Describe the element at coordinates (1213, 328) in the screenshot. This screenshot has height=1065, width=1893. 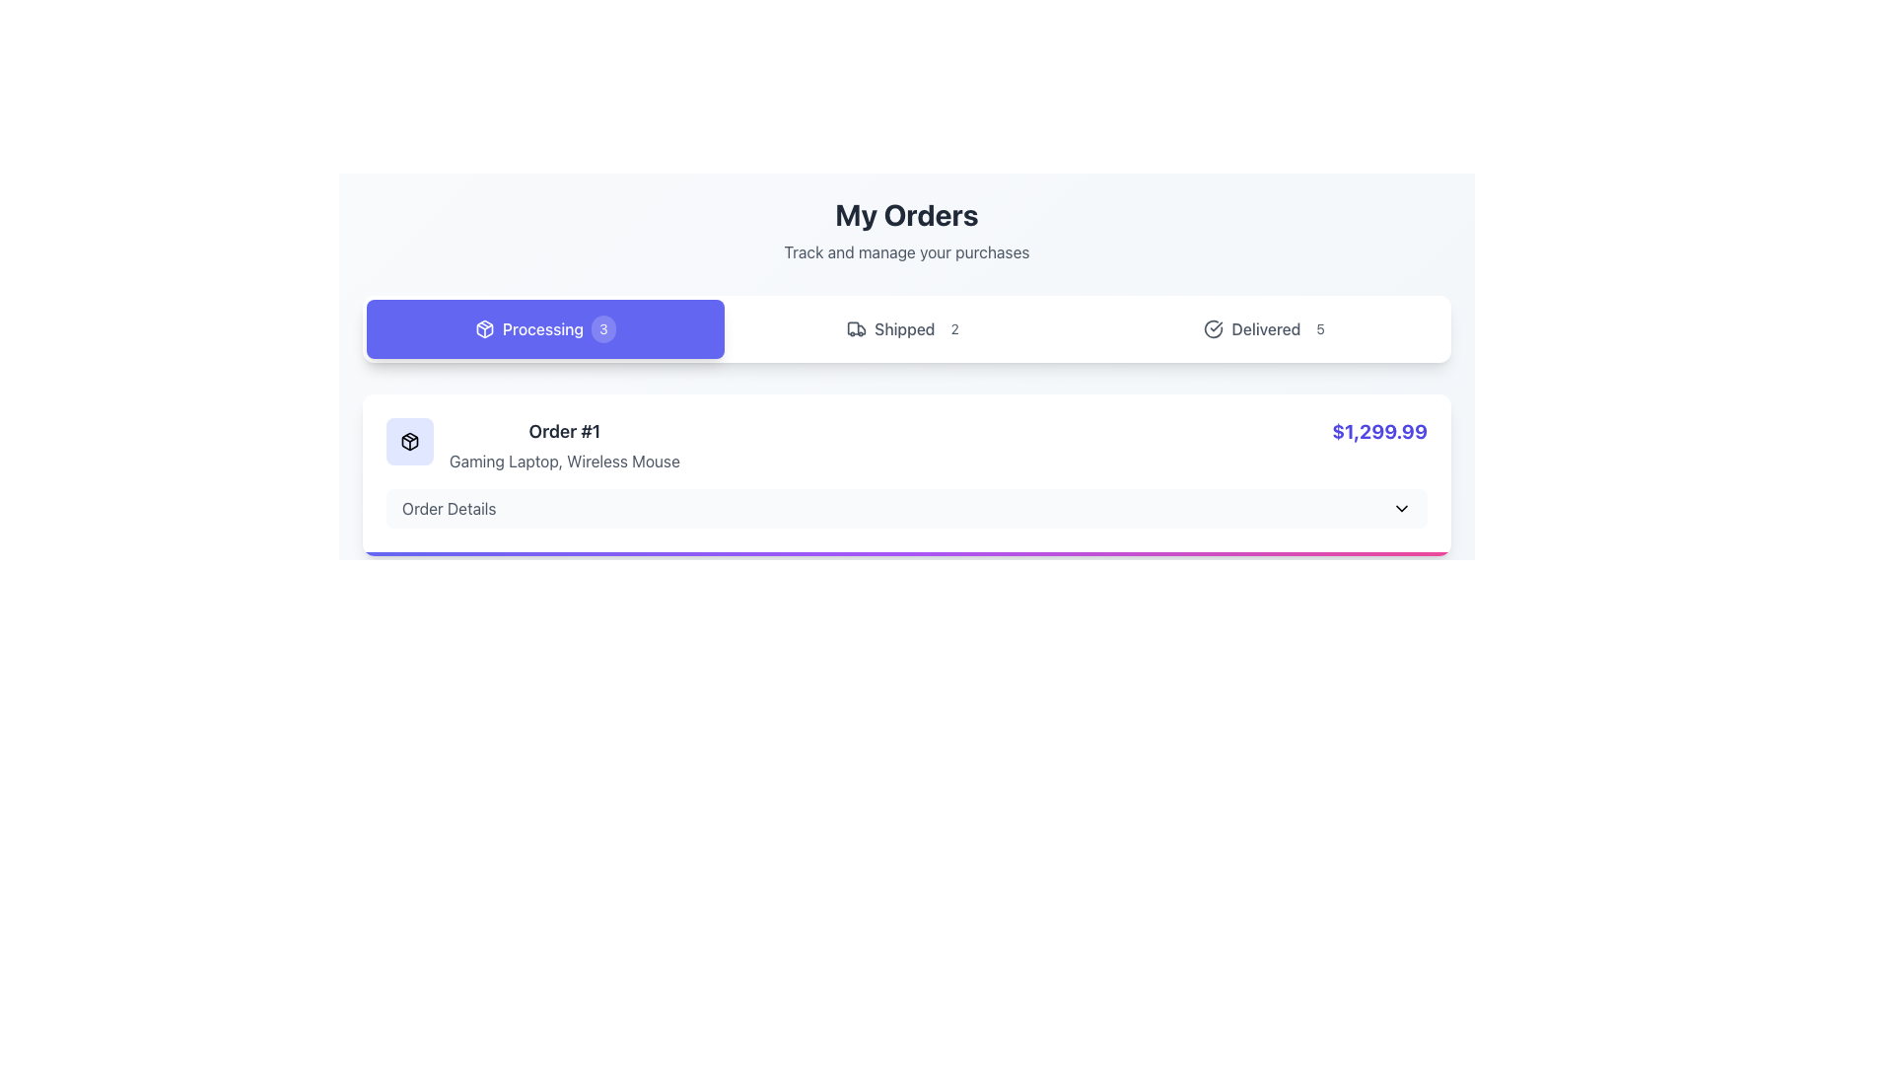
I see `the checkmark icon in a circular outline that indicates the 'Delivered' status, located to the left of the 'Delivered' text` at that location.